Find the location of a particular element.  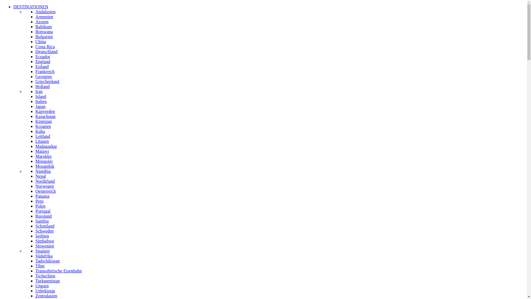

'Botswana' is located at coordinates (44, 32).